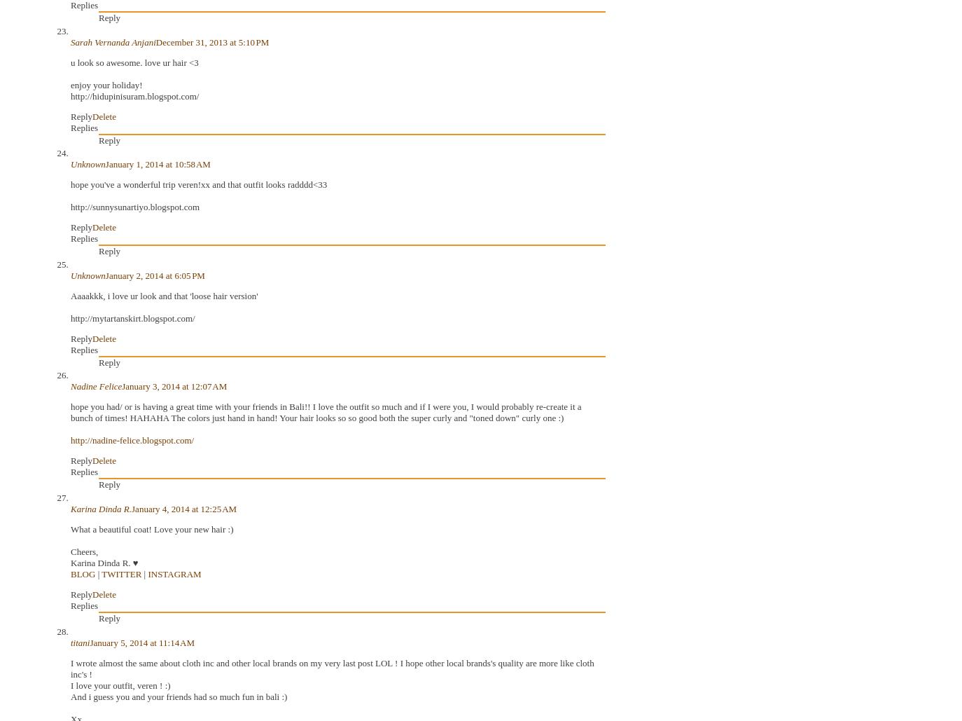  Describe the element at coordinates (104, 163) in the screenshot. I see `'January 1, 2014 at 10:58 AM'` at that location.